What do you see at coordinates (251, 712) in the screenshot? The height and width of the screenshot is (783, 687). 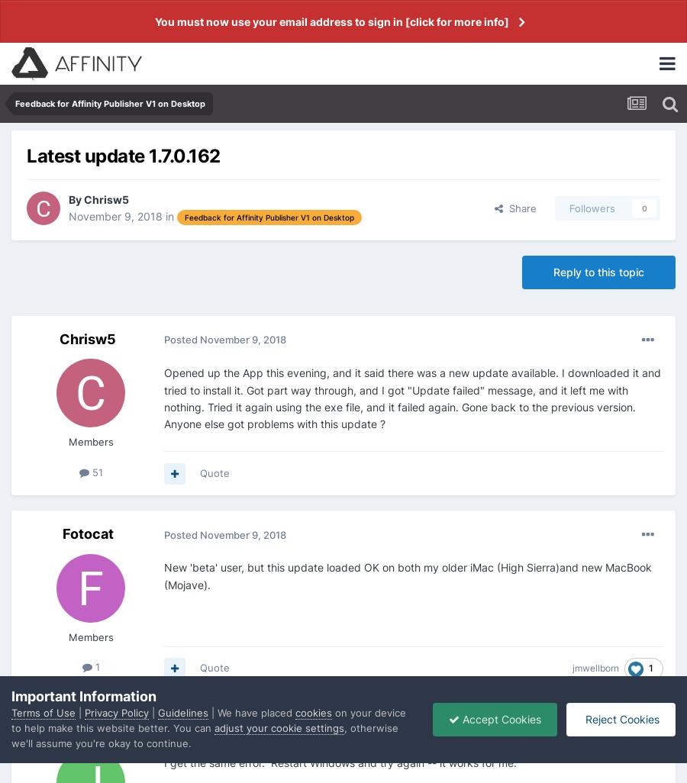 I see `'| We have placed'` at bounding box center [251, 712].